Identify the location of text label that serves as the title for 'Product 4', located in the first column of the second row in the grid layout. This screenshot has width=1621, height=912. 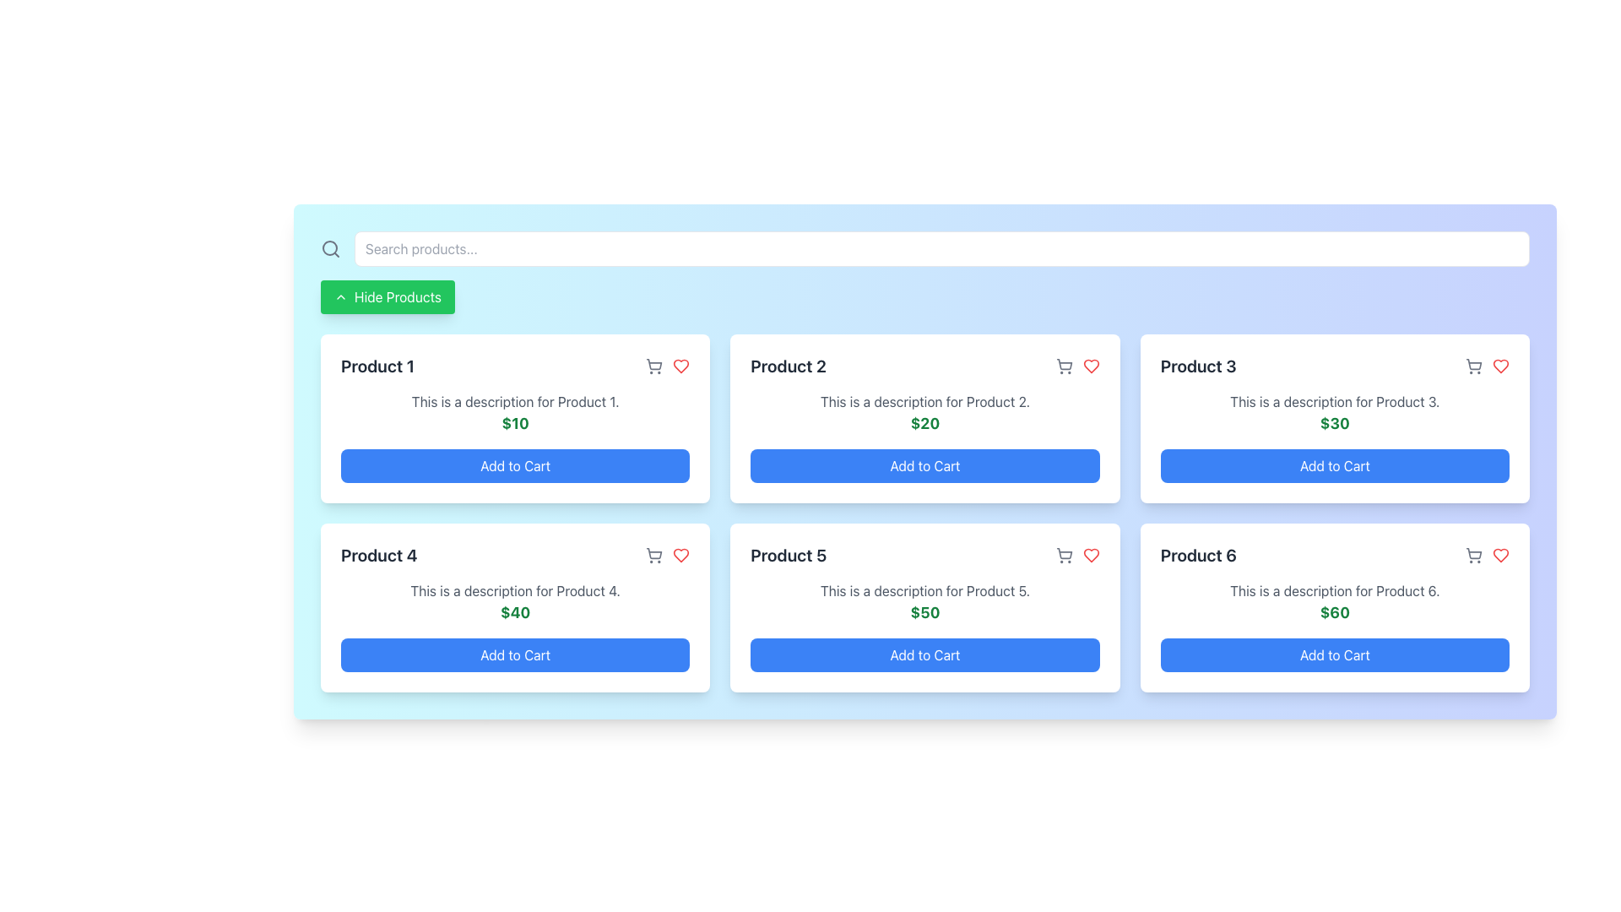
(378, 556).